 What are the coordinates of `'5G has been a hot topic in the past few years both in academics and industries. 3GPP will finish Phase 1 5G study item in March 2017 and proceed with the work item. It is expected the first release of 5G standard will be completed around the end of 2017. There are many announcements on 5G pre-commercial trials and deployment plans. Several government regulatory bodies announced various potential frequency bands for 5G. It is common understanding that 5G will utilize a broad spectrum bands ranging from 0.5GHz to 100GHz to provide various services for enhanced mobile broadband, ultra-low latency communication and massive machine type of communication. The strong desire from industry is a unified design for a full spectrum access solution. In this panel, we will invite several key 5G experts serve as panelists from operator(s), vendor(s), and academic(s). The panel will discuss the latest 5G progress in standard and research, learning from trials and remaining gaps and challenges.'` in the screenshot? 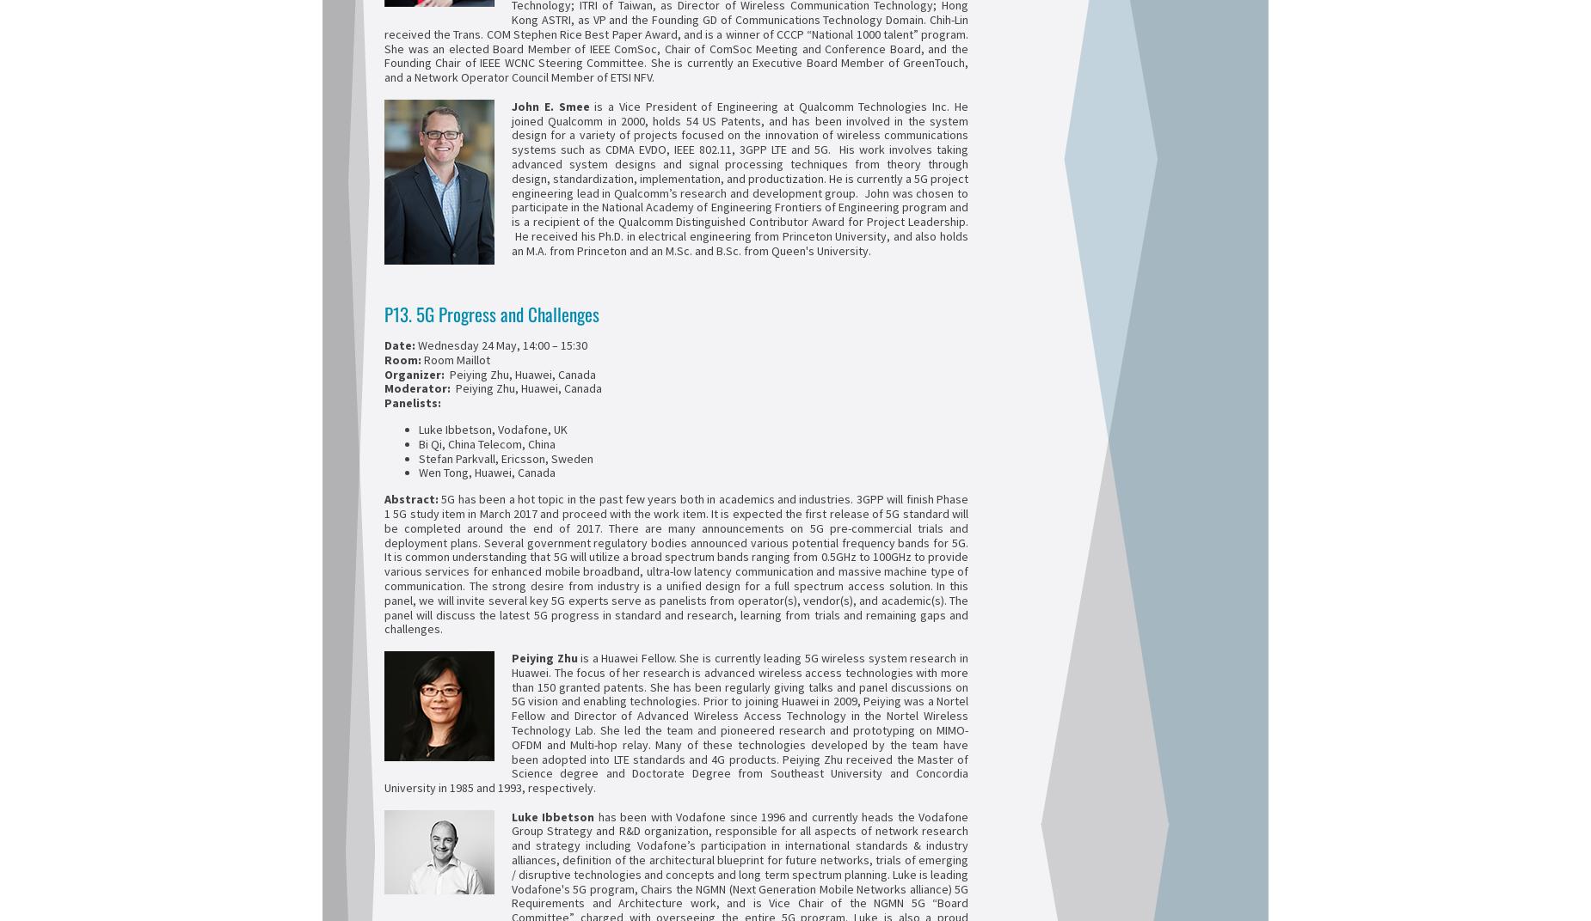 It's located at (383, 564).